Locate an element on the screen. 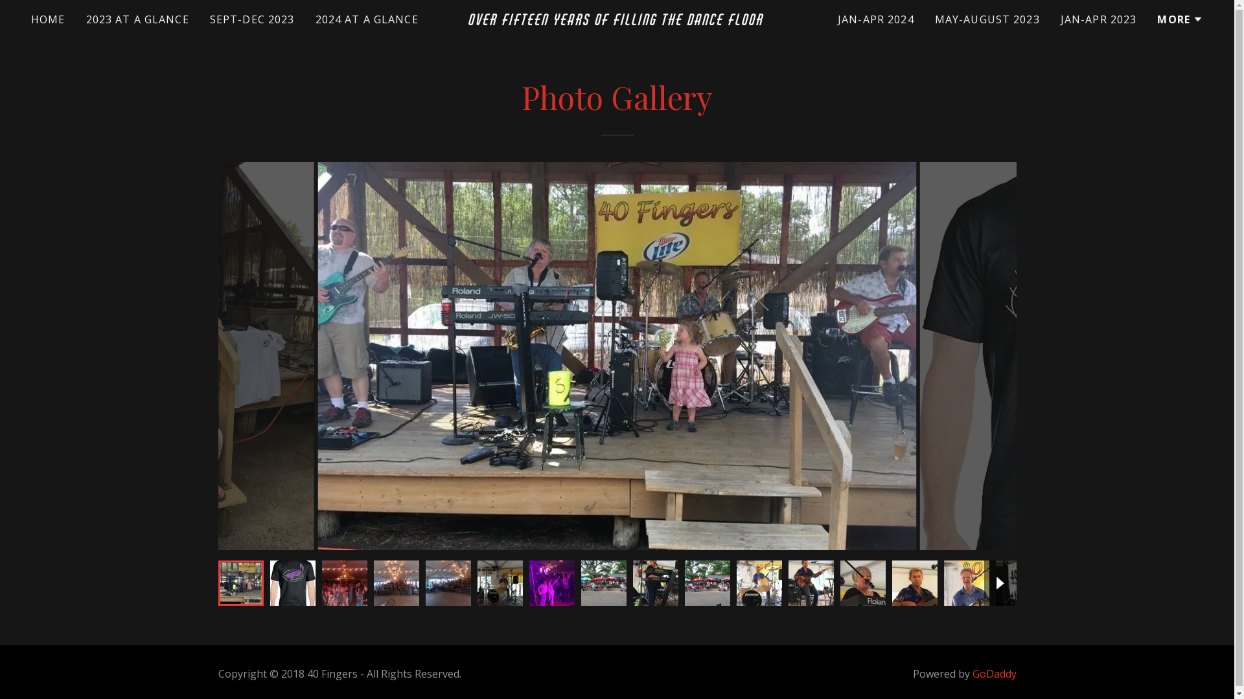 Image resolution: width=1244 pixels, height=699 pixels. 'OVER FIFTEEN YEARS OF FILLING THE DANCE FLOOR' is located at coordinates (616, 20).